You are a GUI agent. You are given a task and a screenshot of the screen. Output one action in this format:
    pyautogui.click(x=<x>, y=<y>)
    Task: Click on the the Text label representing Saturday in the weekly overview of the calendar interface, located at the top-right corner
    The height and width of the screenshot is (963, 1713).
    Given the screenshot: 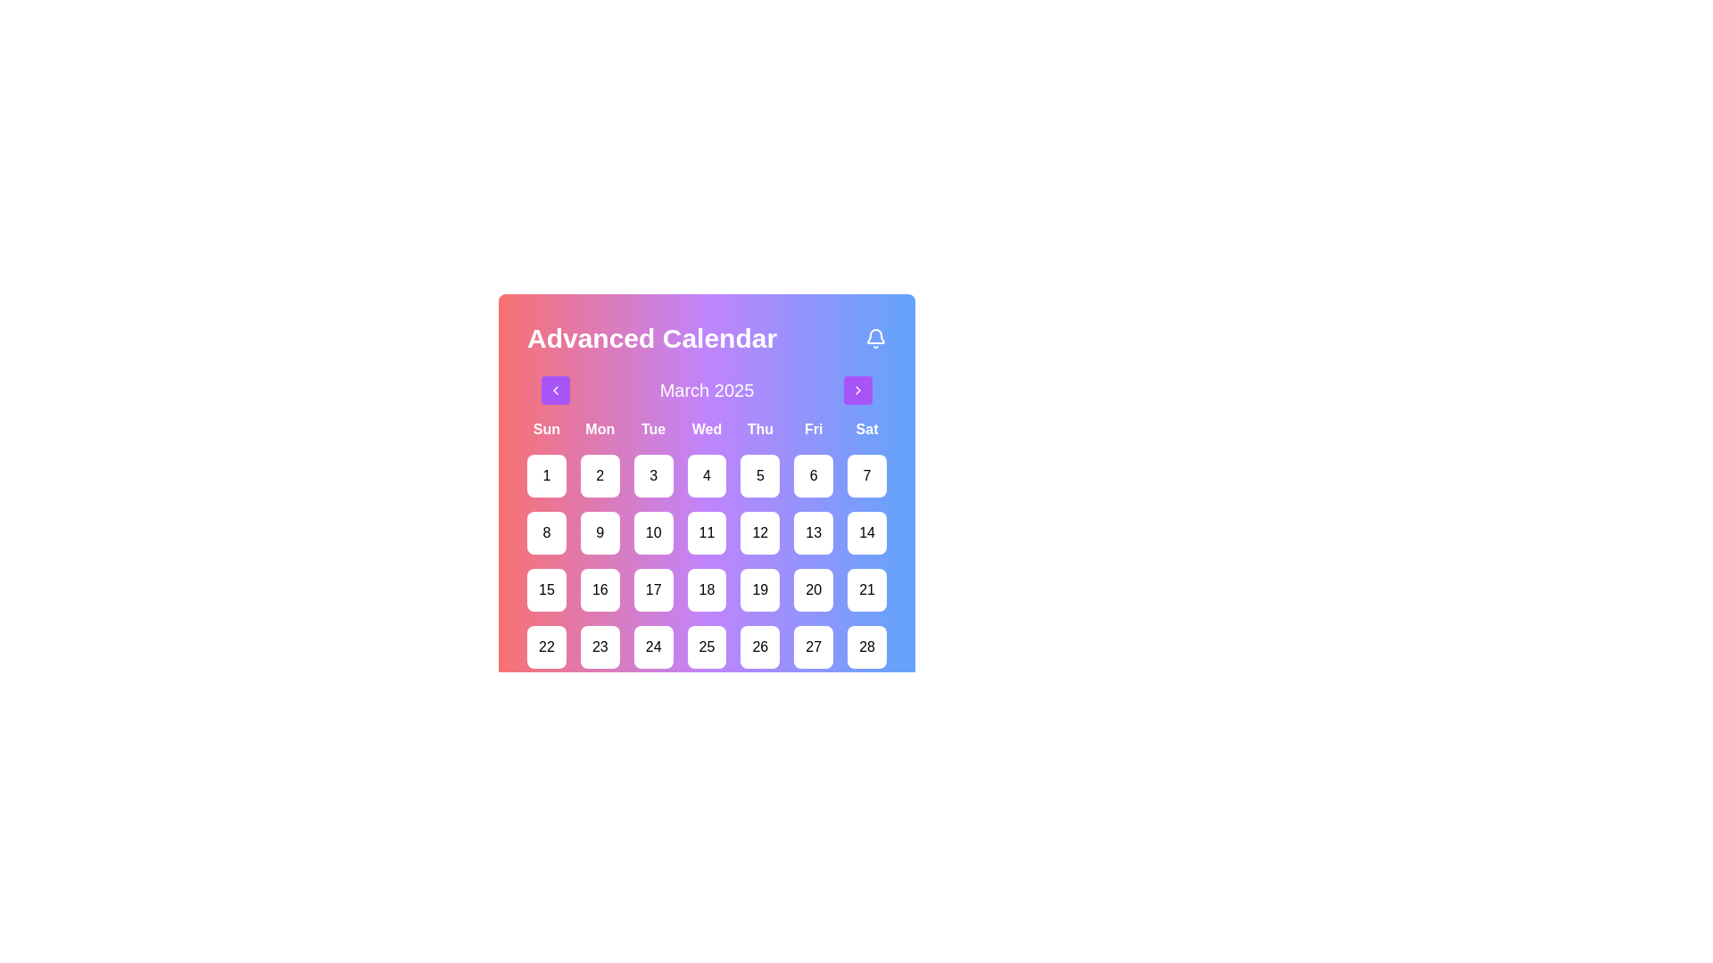 What is the action you would take?
    pyautogui.click(x=867, y=430)
    